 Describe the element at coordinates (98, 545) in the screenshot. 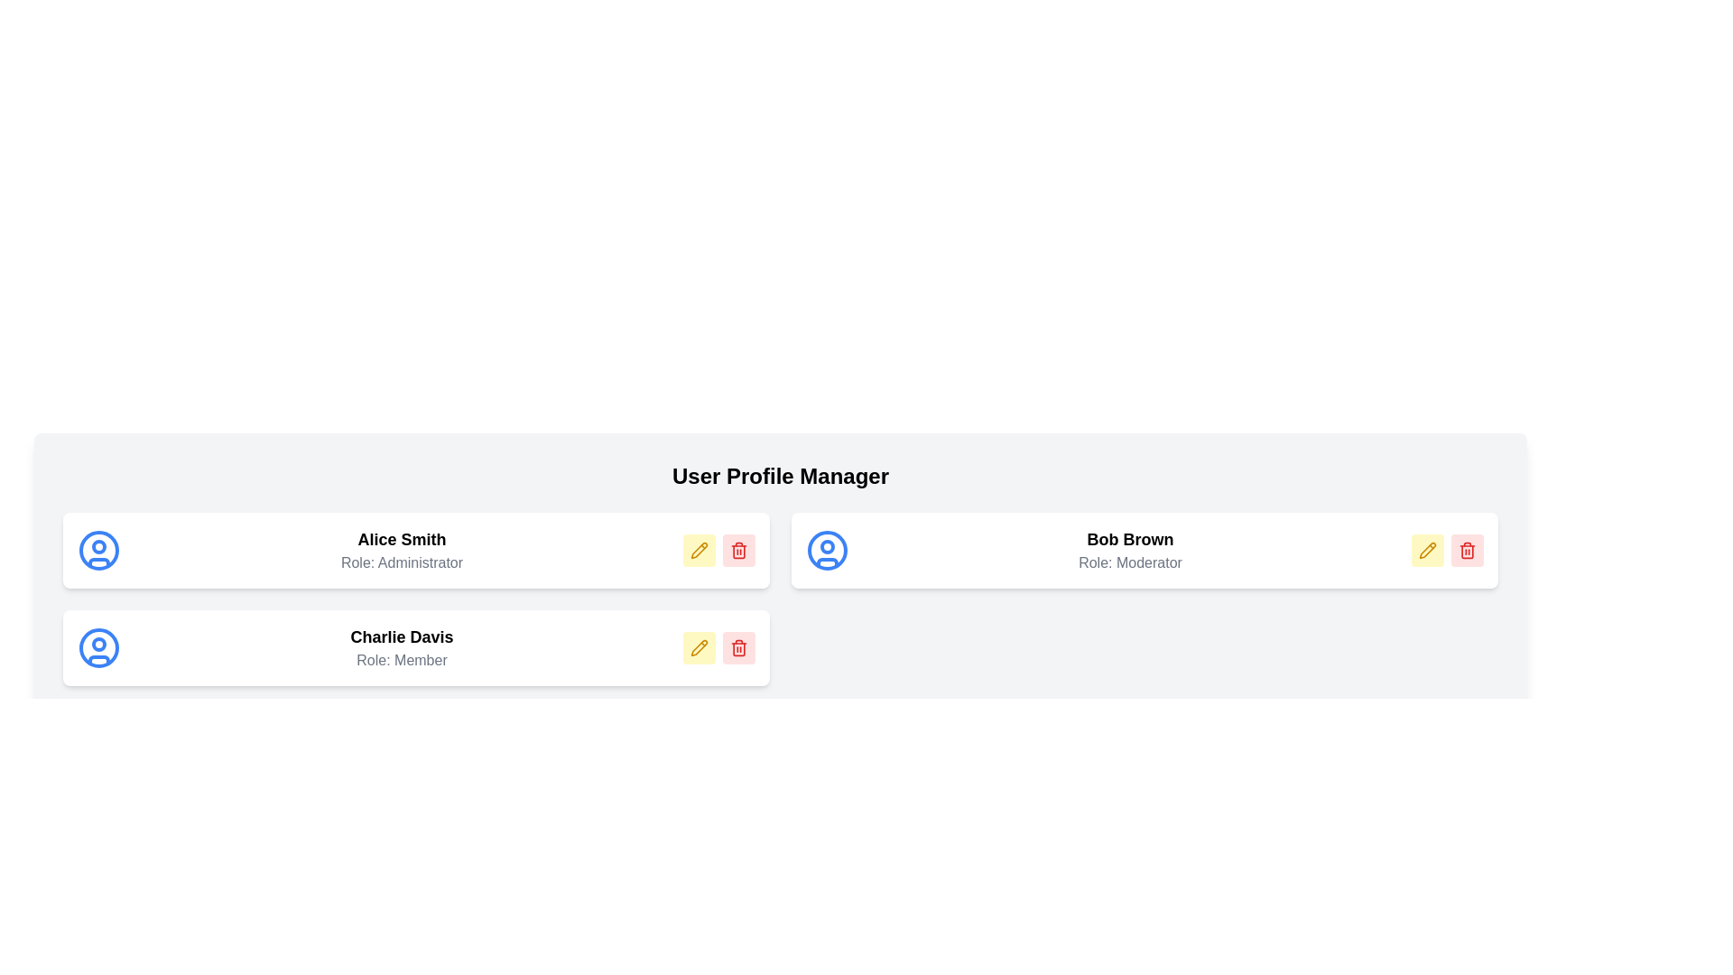

I see `the profile picture placeholder, which is a circular element resembling a user's avatar, located inside a larger circle with a blue outline and white fill` at that location.